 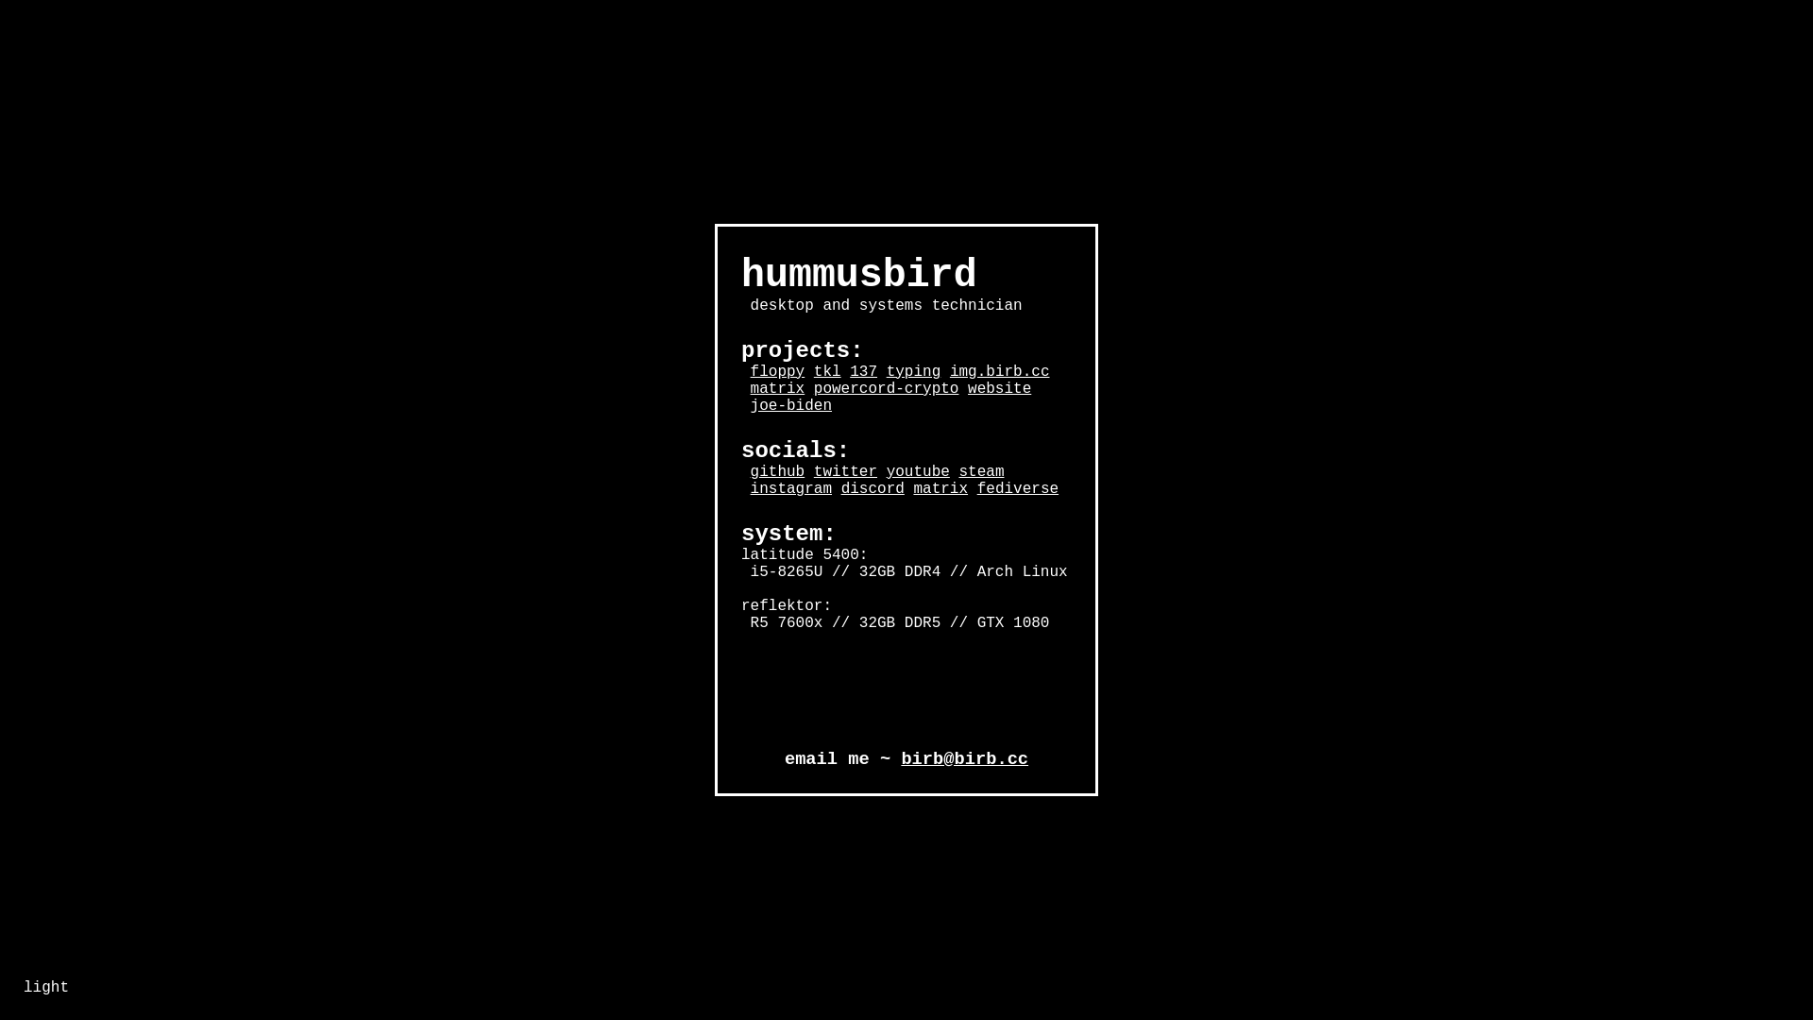 What do you see at coordinates (778, 471) in the screenshot?
I see `'github'` at bounding box center [778, 471].